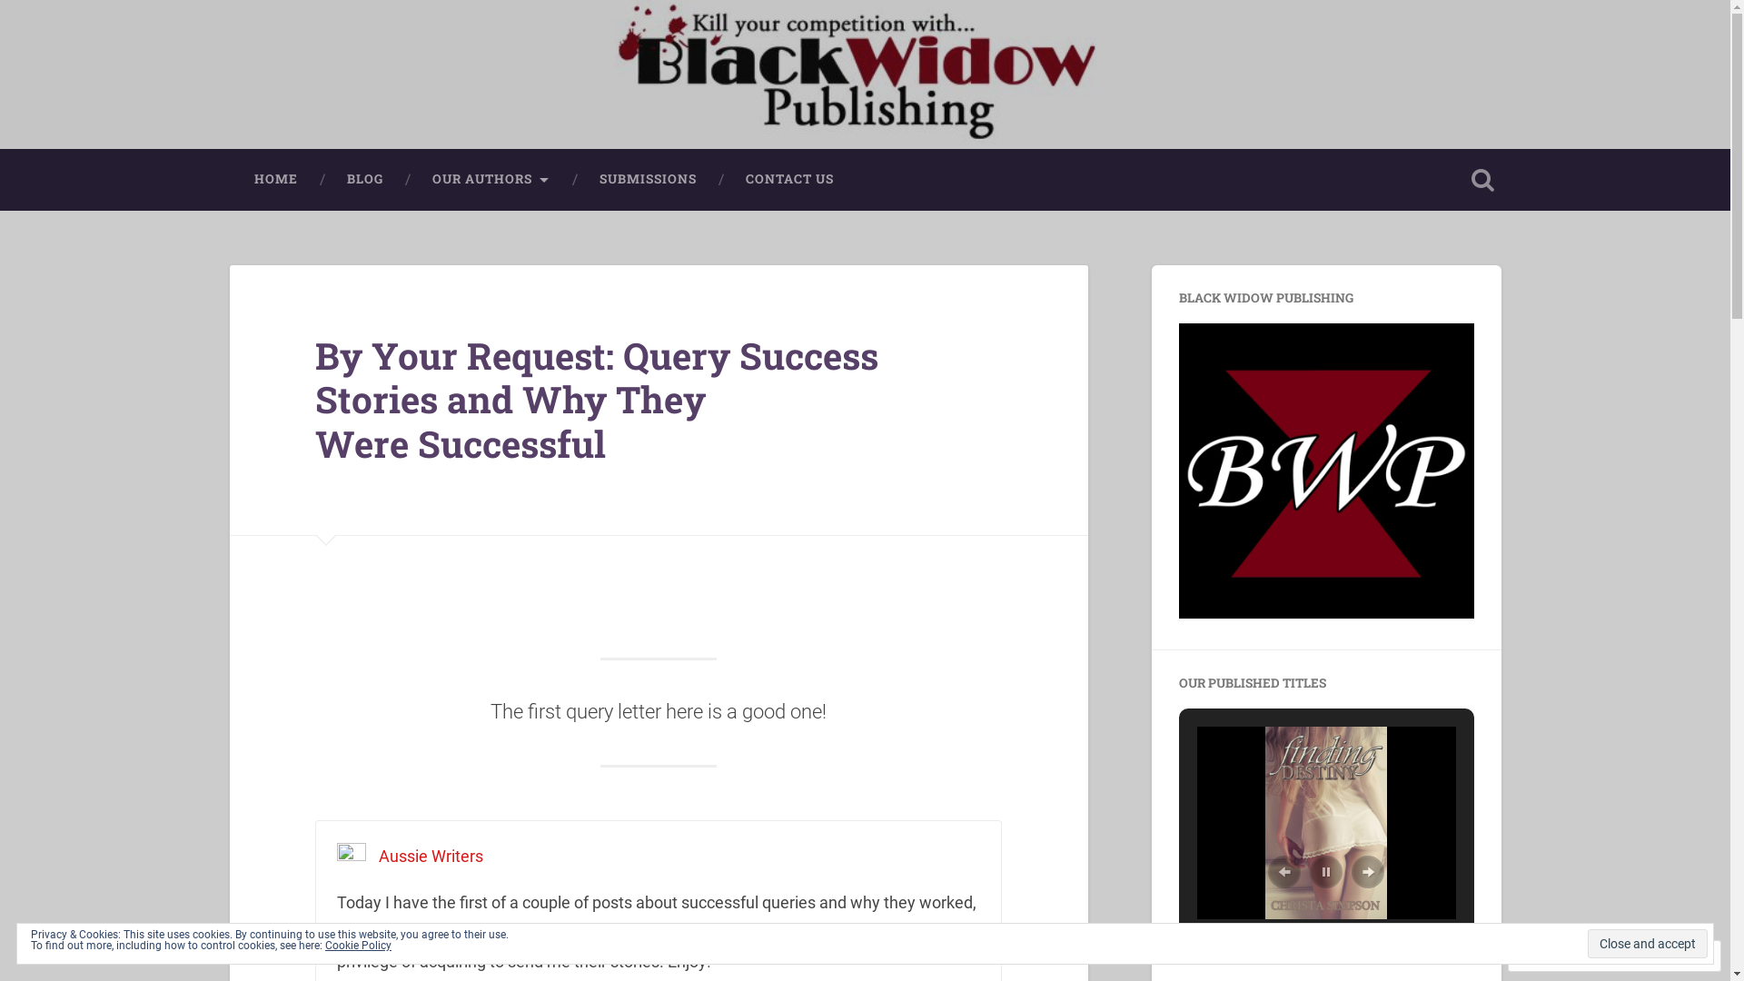 The height and width of the screenshot is (981, 1744). I want to click on 'Aussie Writers', so click(377, 856).